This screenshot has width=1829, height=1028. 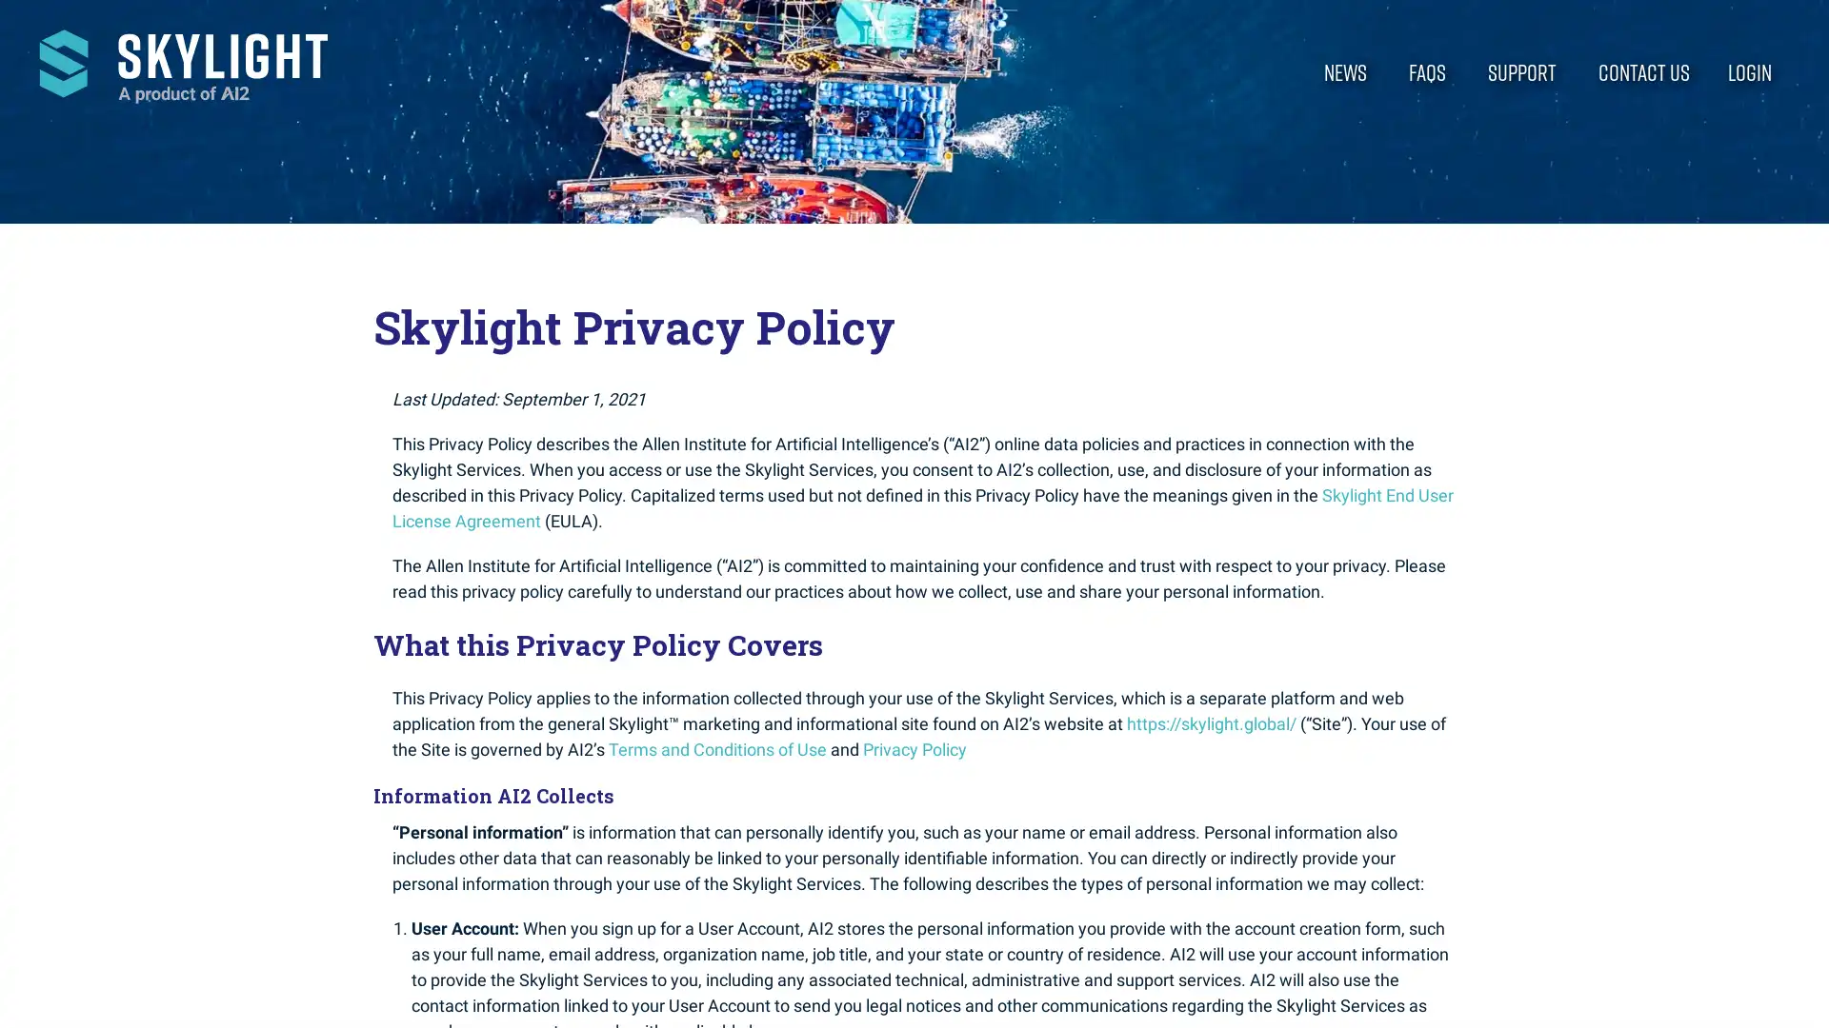 I want to click on Cookies Settings, so click(x=1329, y=986).